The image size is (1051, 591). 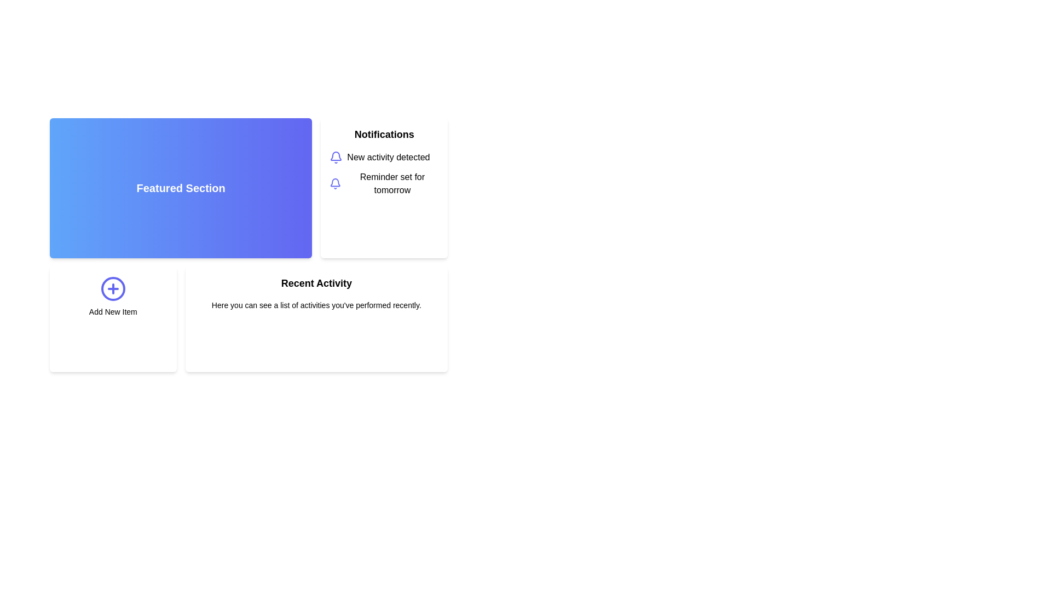 What do you see at coordinates (384, 158) in the screenshot?
I see `the first notification in the 'Notifications' section, which serves as an informational alert about new activity` at bounding box center [384, 158].